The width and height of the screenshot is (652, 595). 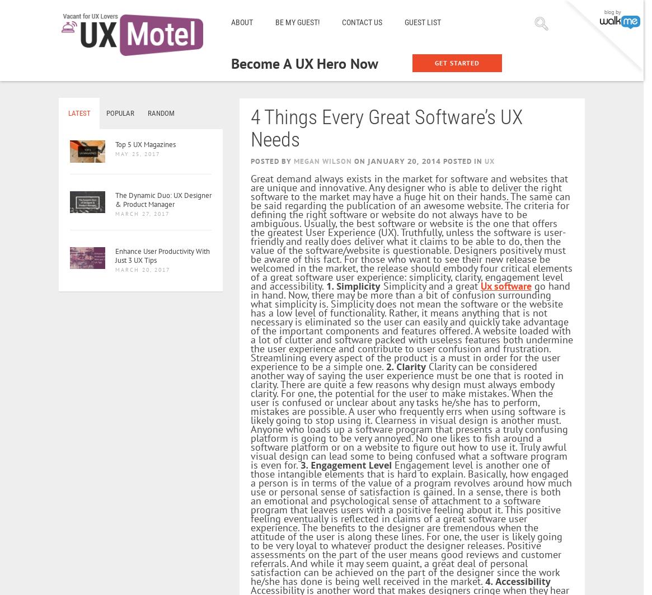 I want to click on '1. Simplicity', so click(x=352, y=286).